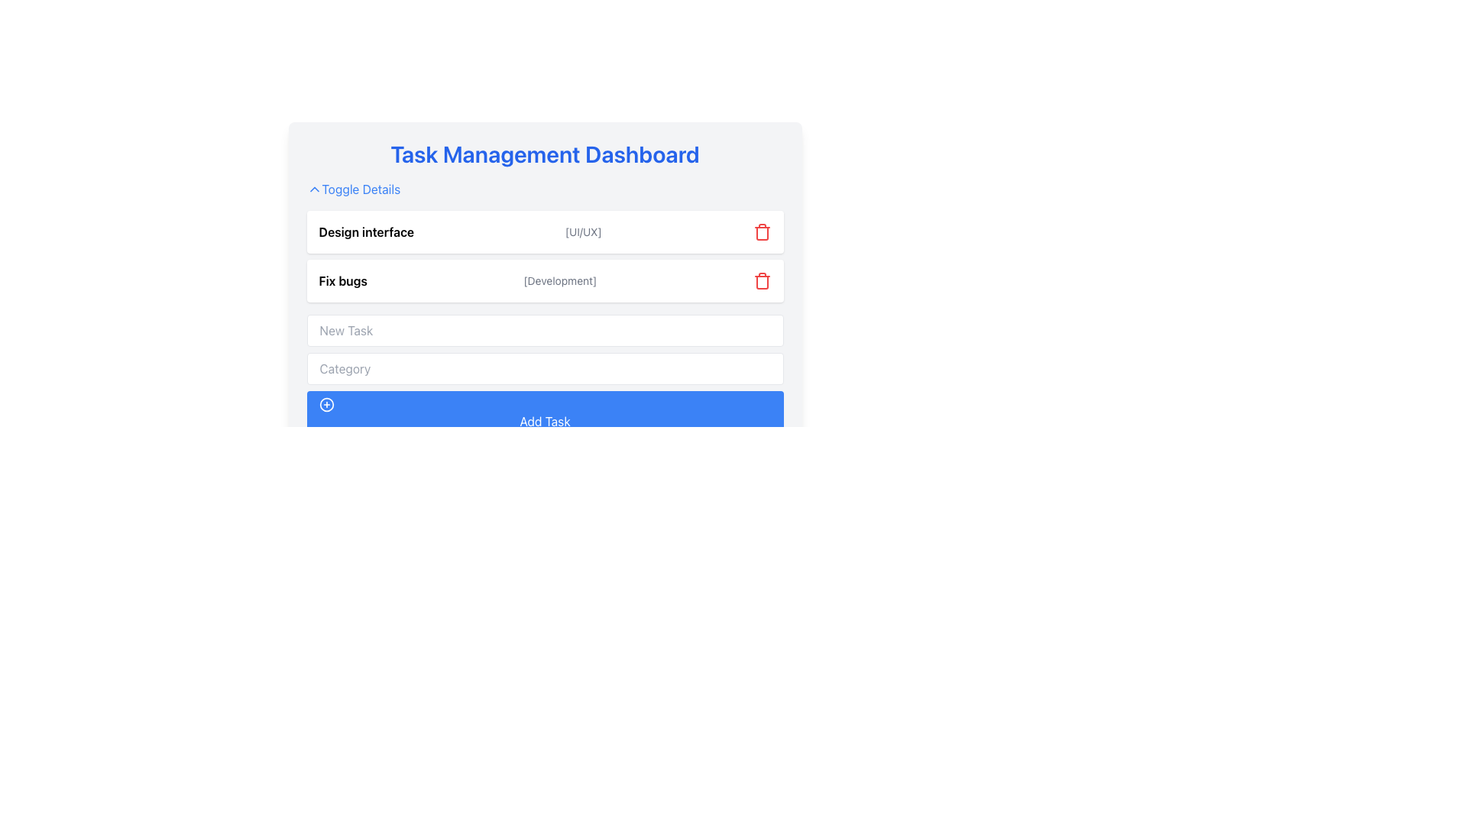 The height and width of the screenshot is (825, 1467). Describe the element at coordinates (545, 154) in the screenshot. I see `the static text label that serves as the main title or header at the top of the interface layout` at that location.